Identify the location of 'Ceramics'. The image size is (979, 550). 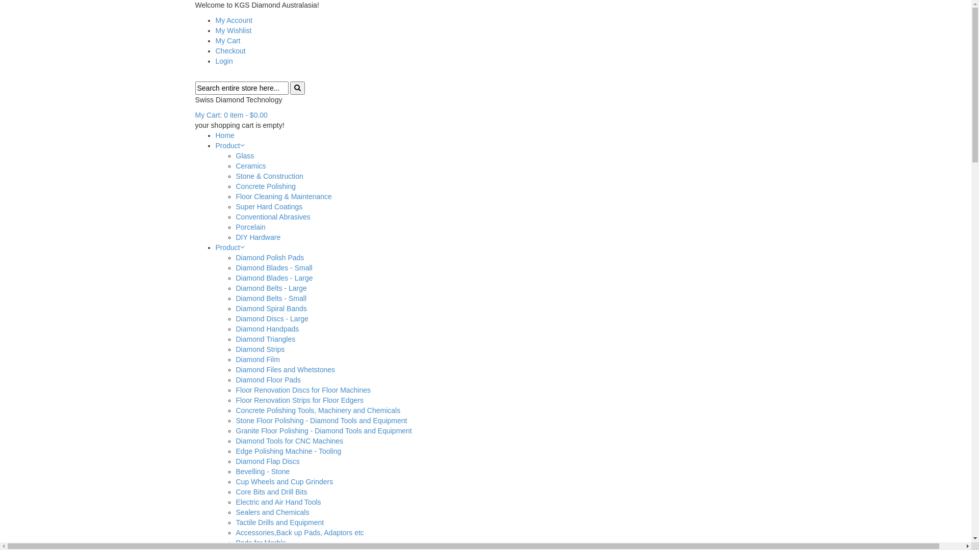
(250, 166).